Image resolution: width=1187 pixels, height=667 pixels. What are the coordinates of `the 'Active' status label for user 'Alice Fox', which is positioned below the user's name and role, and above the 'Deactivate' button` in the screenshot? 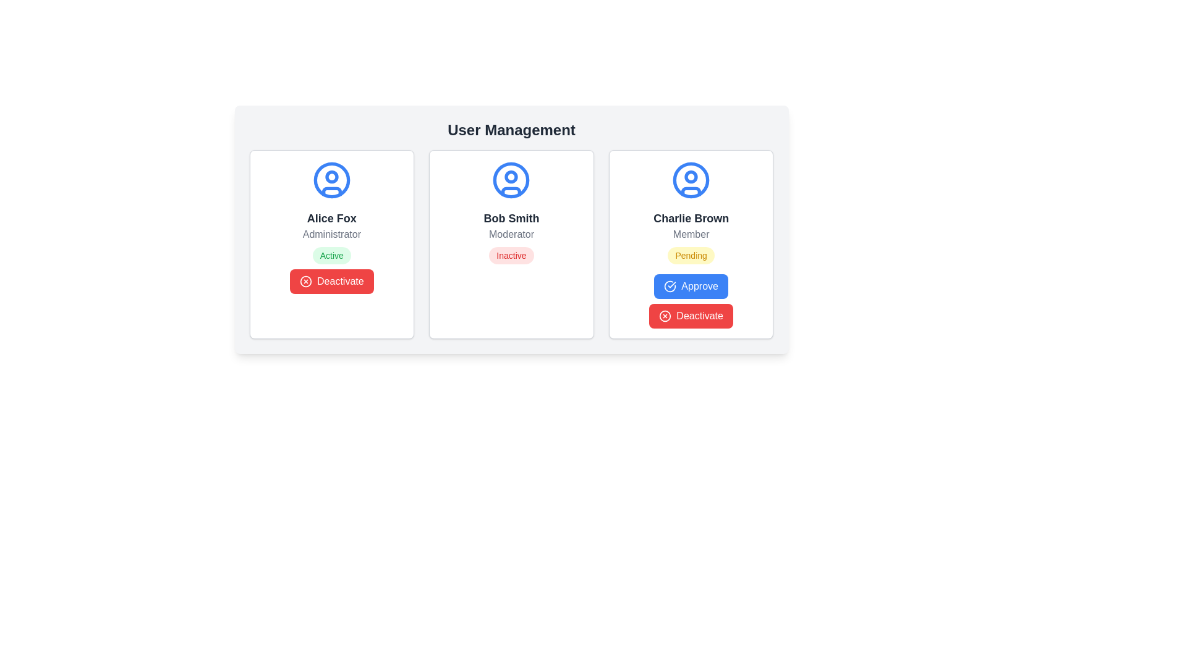 It's located at (331, 254).